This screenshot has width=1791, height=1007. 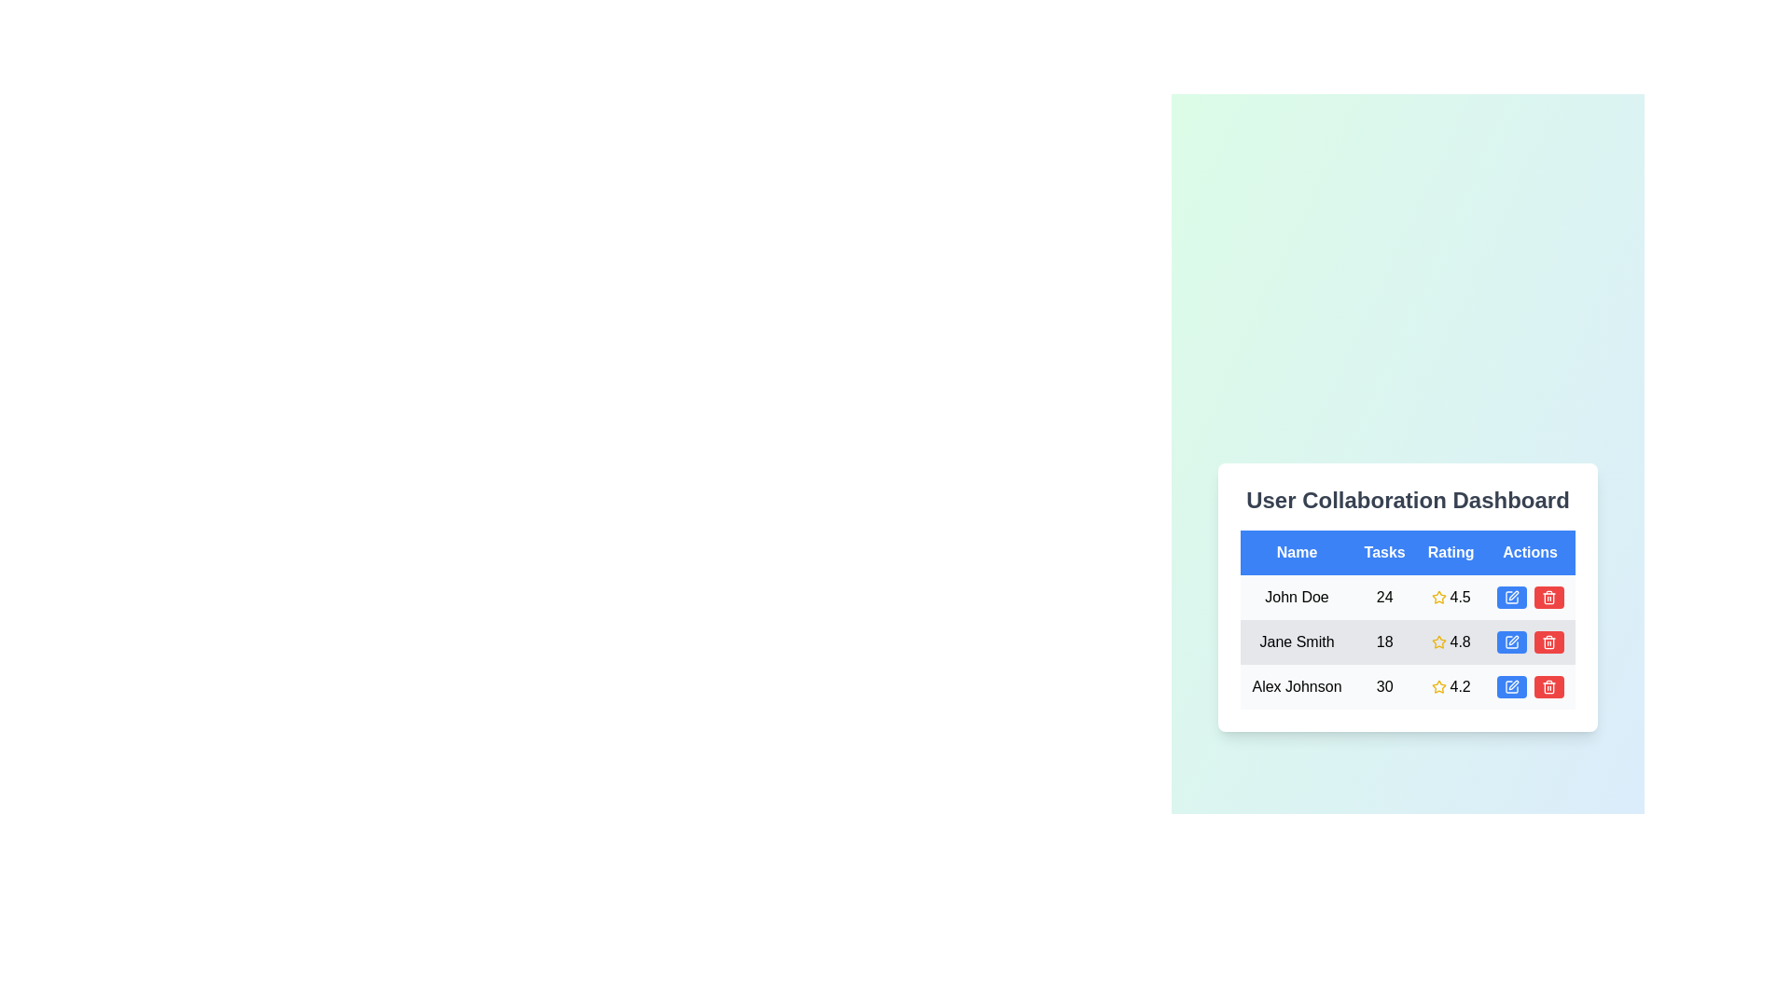 I want to click on the trash can icon in the 'Actions' column of the 'User Collaboration Dashboard', so click(x=1548, y=686).